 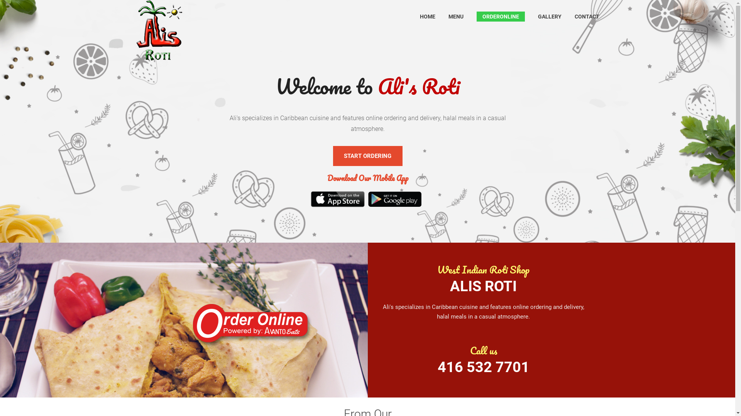 I want to click on 'MENU', so click(x=456, y=16).